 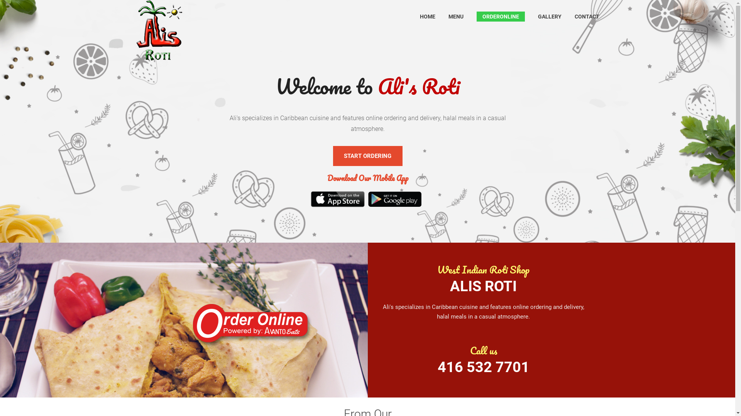 I want to click on 'MENU', so click(x=456, y=16).